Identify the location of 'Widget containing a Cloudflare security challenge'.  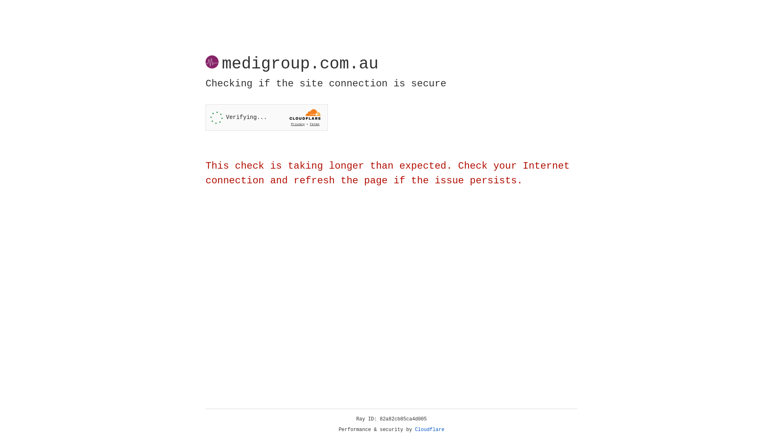
(266, 117).